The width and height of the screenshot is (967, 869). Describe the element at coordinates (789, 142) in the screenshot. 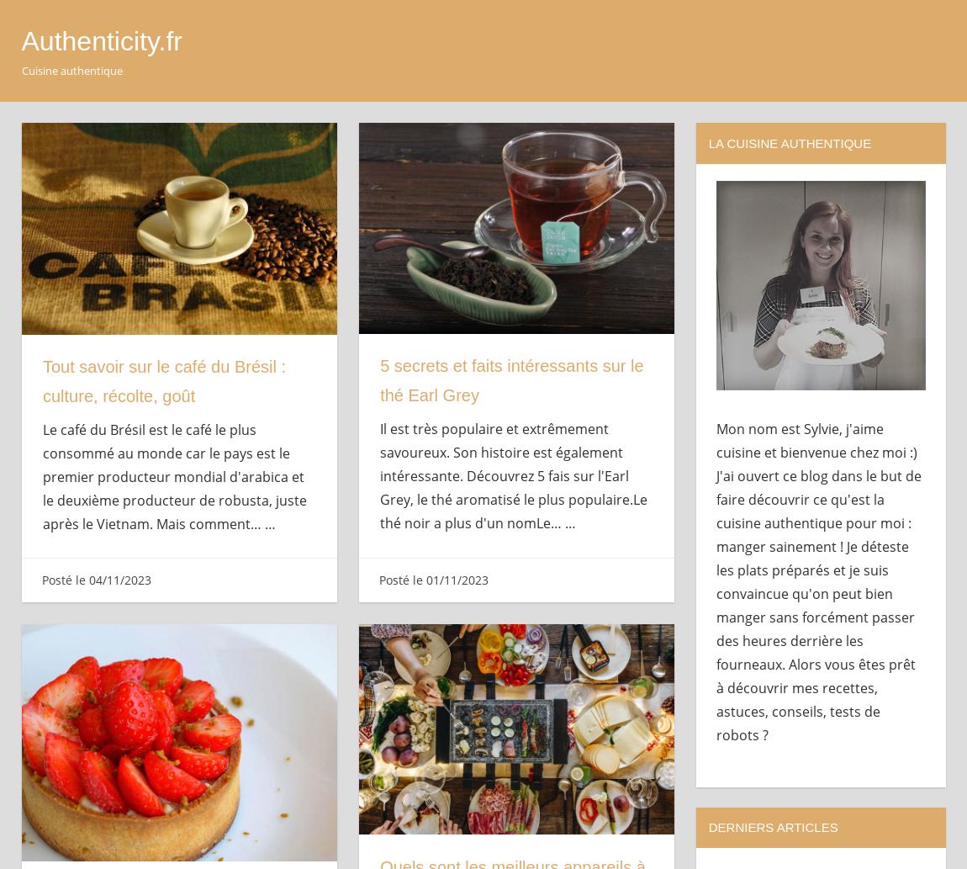

I see `'La cuisine authentique'` at that location.